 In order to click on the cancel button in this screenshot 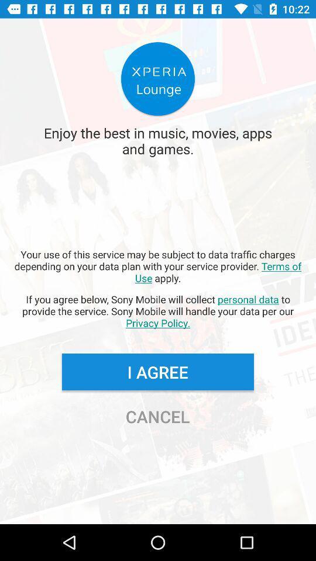, I will do `click(157, 416)`.